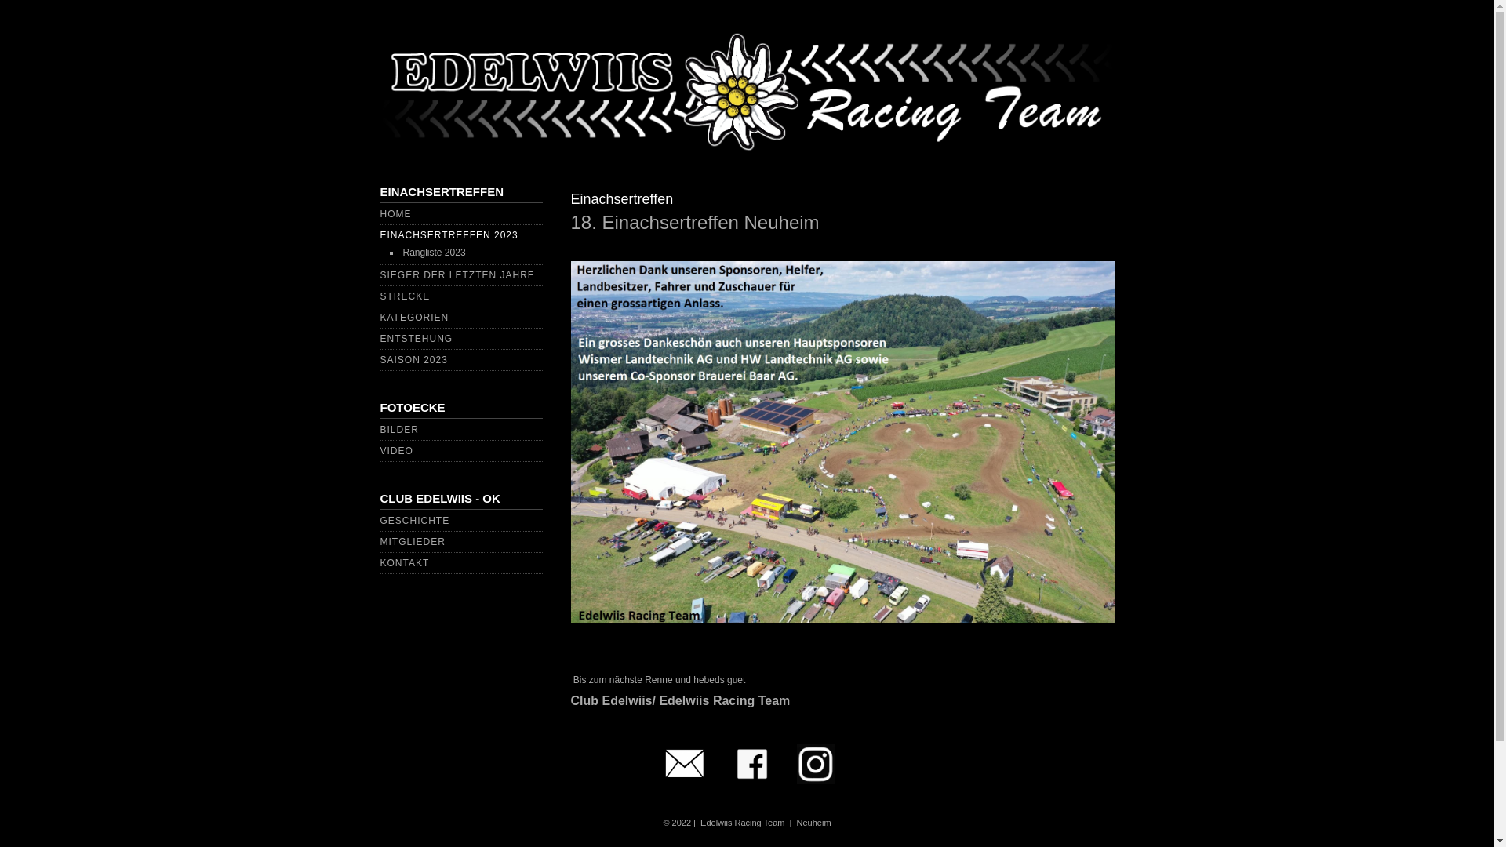 The width and height of the screenshot is (1506, 847). What do you see at coordinates (380, 360) in the screenshot?
I see `'SAISON 2023'` at bounding box center [380, 360].